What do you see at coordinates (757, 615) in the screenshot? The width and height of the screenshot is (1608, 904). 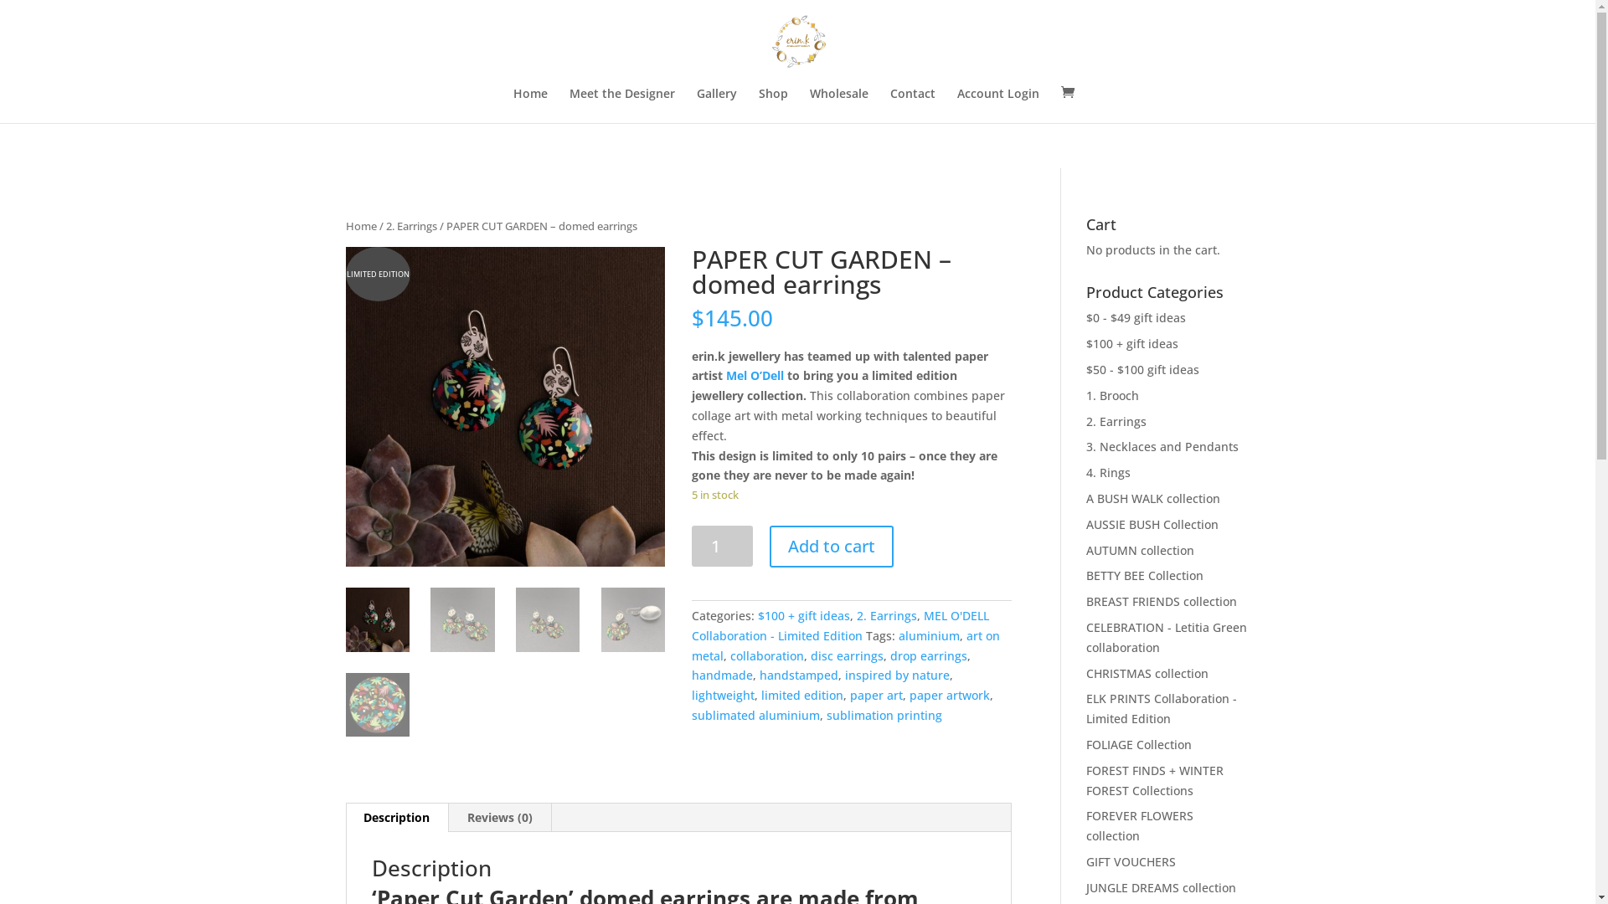 I see `'$100 + gift ideas'` at bounding box center [757, 615].